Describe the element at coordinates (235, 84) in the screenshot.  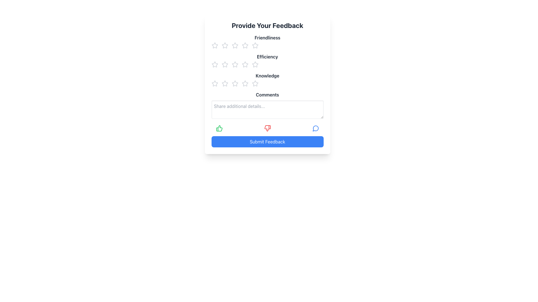
I see `across the third star icon from the left in the horizontal group of five stars` at that location.